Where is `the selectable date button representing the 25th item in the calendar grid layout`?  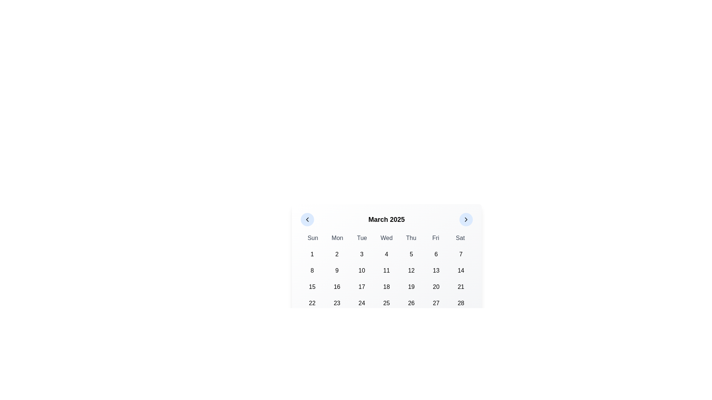
the selectable date button representing the 25th item in the calendar grid layout is located at coordinates (386, 303).